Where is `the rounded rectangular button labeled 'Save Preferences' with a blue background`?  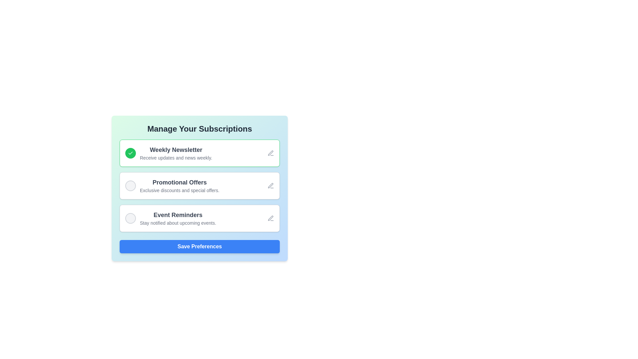 the rounded rectangular button labeled 'Save Preferences' with a blue background is located at coordinates (199, 246).